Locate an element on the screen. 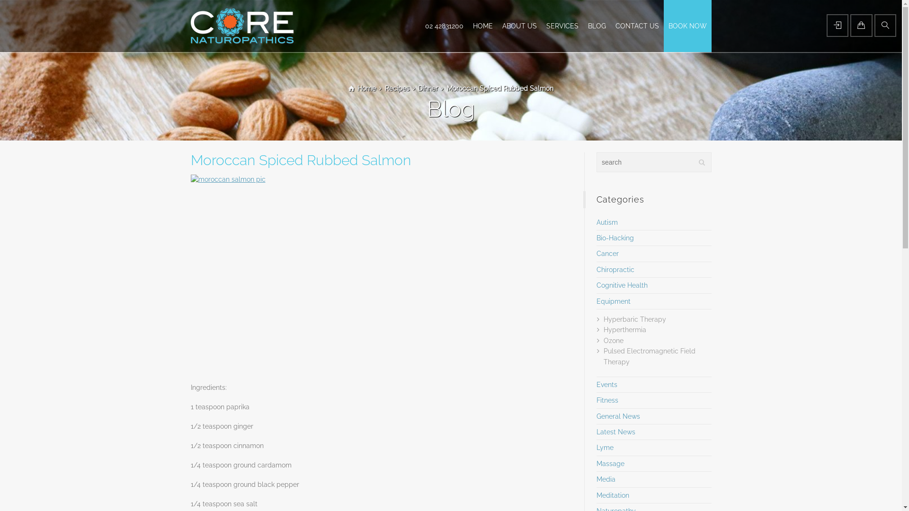 Image resolution: width=909 pixels, height=511 pixels. 'Login' is located at coordinates (838, 25).